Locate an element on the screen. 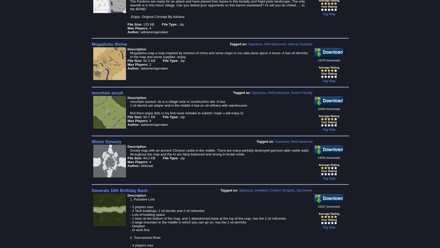 The width and height of the screenshot is (440, 248). '- 1 town at the bottom of the map, and 1 abandonned base at the top of the map, has the 2 oil refineries' is located at coordinates (207, 218).